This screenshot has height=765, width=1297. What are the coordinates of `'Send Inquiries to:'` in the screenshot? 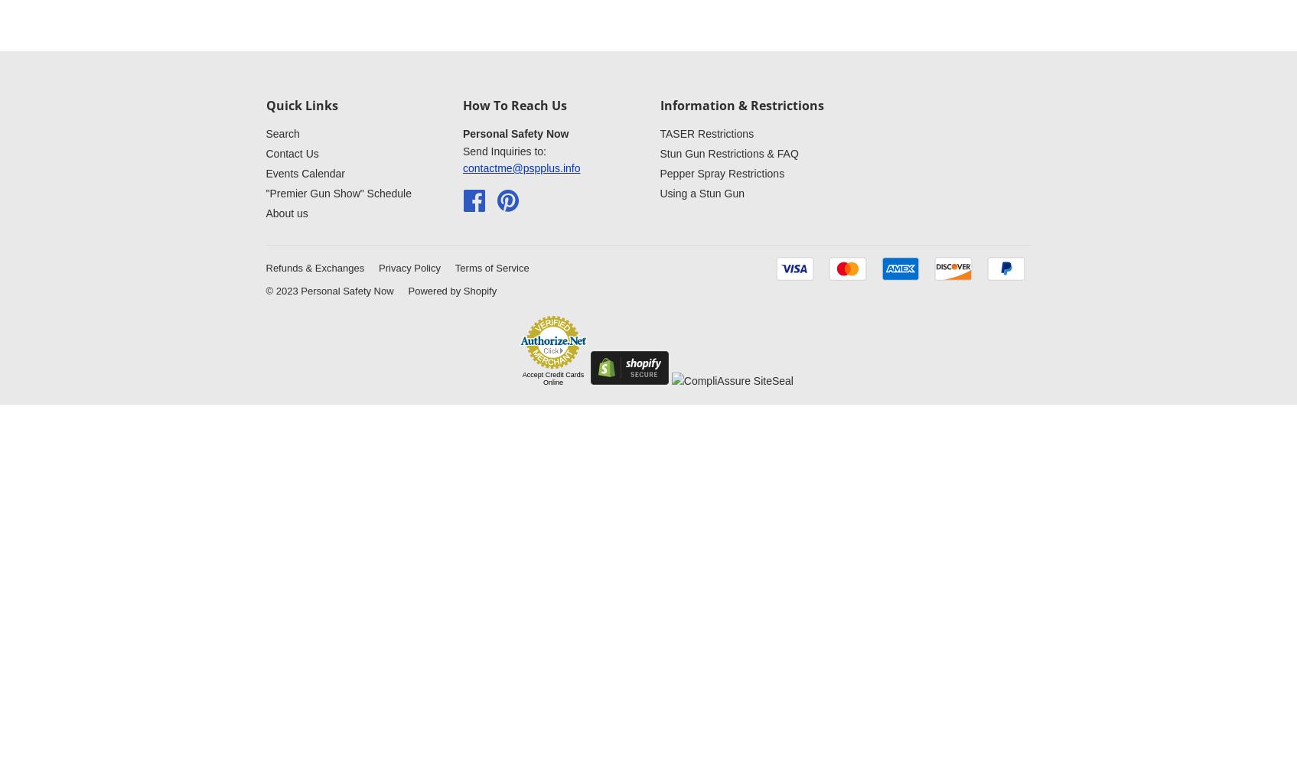 It's located at (504, 150).